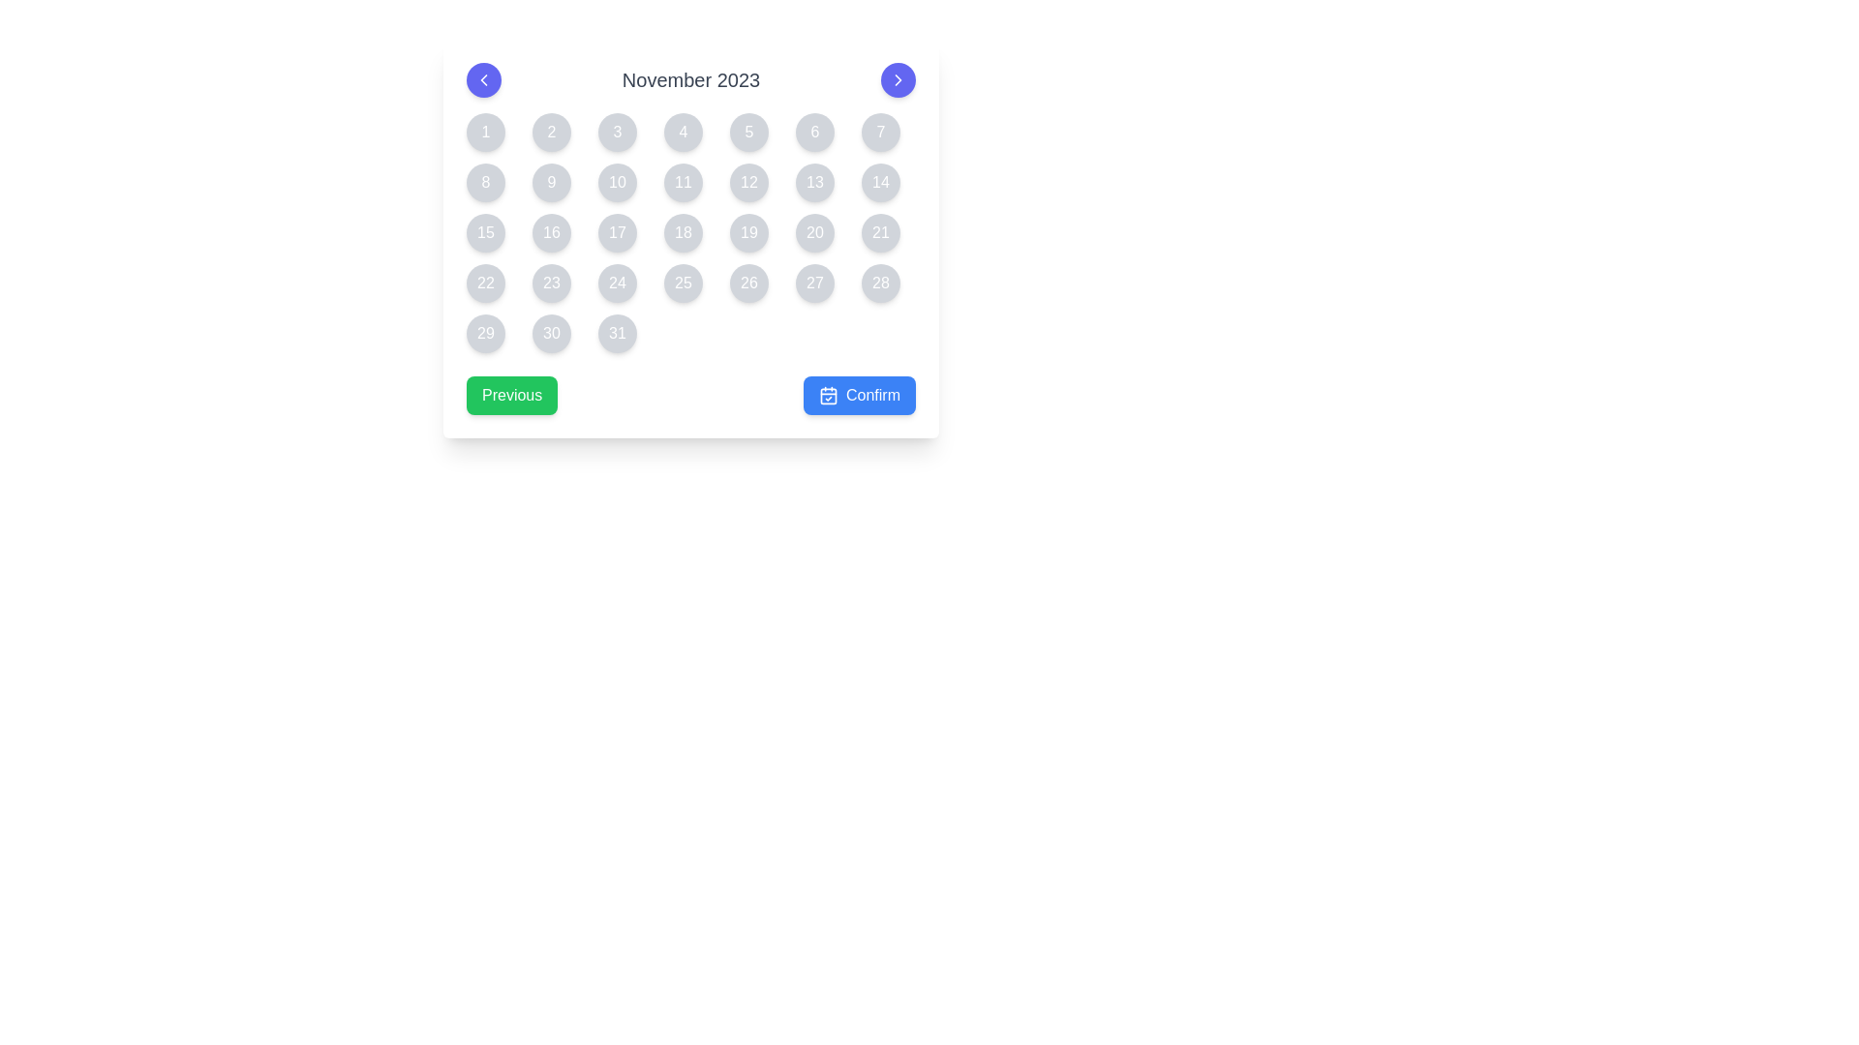 The height and width of the screenshot is (1045, 1859). What do you see at coordinates (872, 394) in the screenshot?
I see `the text label indicating the purpose of the confirm button located in the lower right corner of the calendar interface` at bounding box center [872, 394].